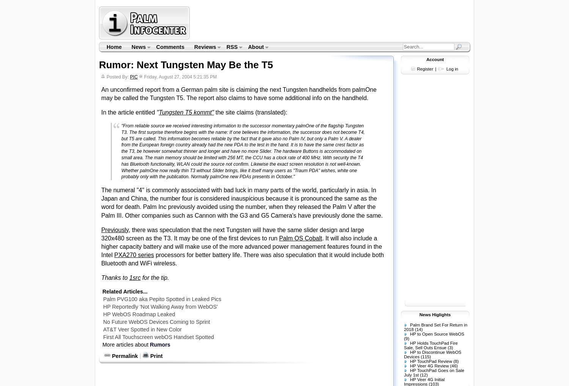  I want to click on 'An unconfirmed report from a German palm site is claiming the next Tungsten handhelds from palmOne may be called the Tungsten T5. The report also claims to have some additional info on the handheld.', so click(239, 93).